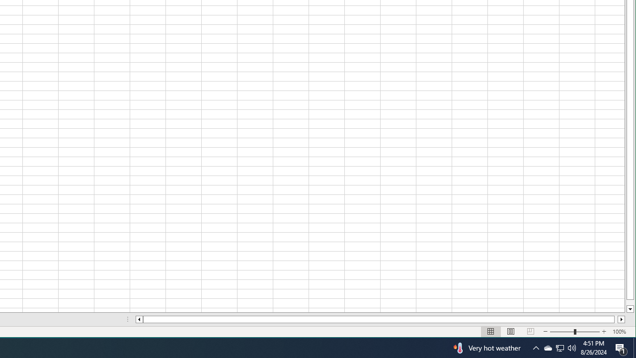 The image size is (636, 358). What do you see at coordinates (486, 347) in the screenshot?
I see `'Very hot weather'` at bounding box center [486, 347].